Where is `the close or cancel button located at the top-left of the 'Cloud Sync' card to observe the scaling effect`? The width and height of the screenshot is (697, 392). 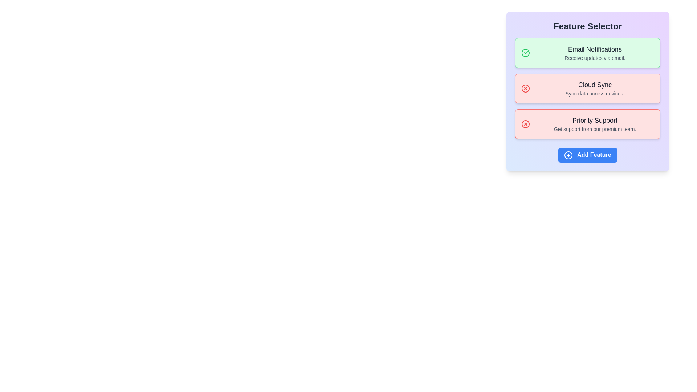
the close or cancel button located at the top-left of the 'Cloud Sync' card to observe the scaling effect is located at coordinates (526, 88).